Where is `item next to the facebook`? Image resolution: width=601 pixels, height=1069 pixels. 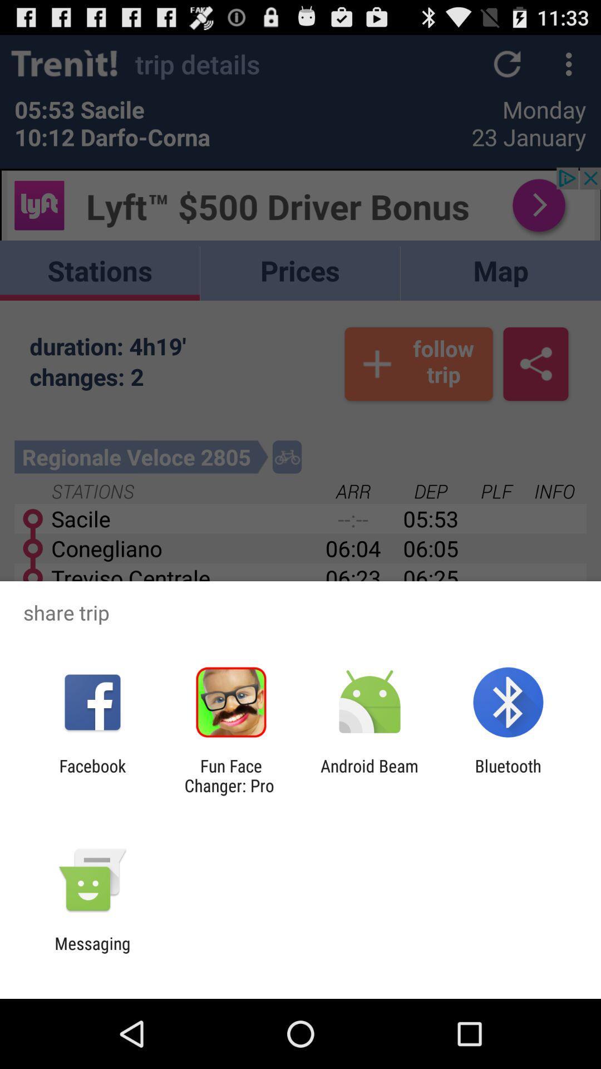 item next to the facebook is located at coordinates (230, 775).